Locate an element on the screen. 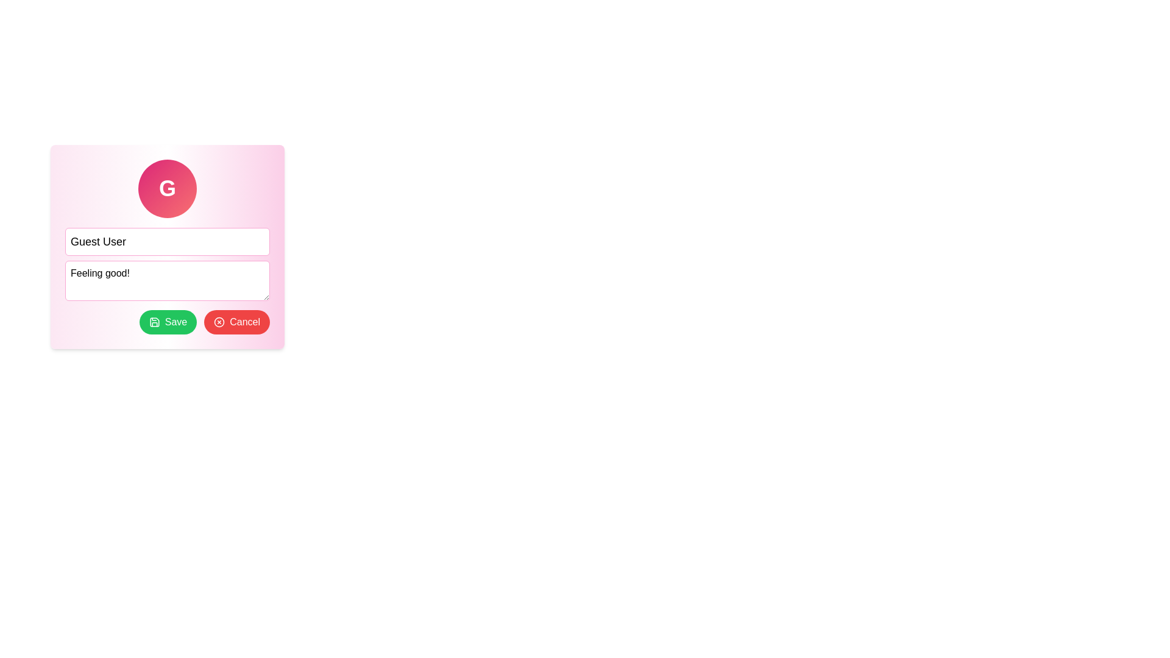 This screenshot has width=1170, height=658. the save button located below the status message input field is located at coordinates (167, 321).